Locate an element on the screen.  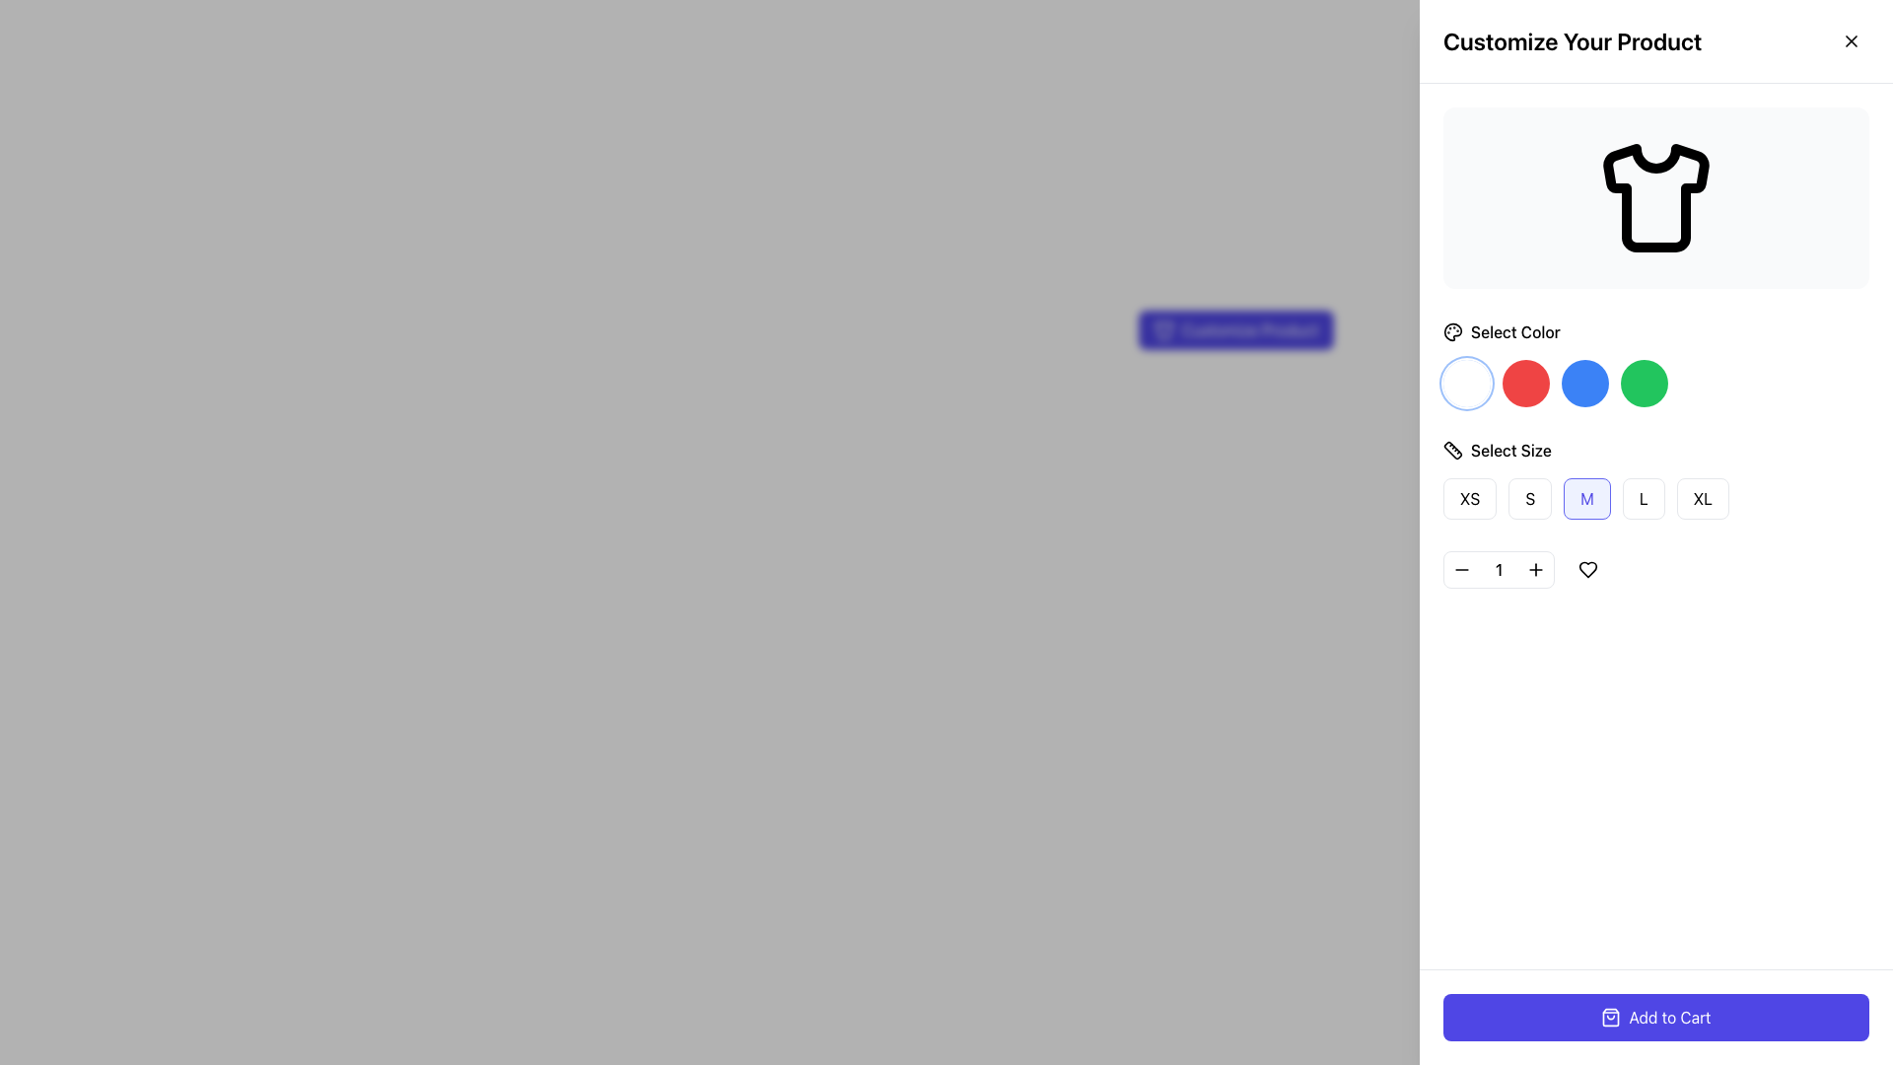
the shopping bag icon, which is a thin outline icon located to the left of the 'Add to Cart' button, within the button's boundary is located at coordinates (1611, 1018).